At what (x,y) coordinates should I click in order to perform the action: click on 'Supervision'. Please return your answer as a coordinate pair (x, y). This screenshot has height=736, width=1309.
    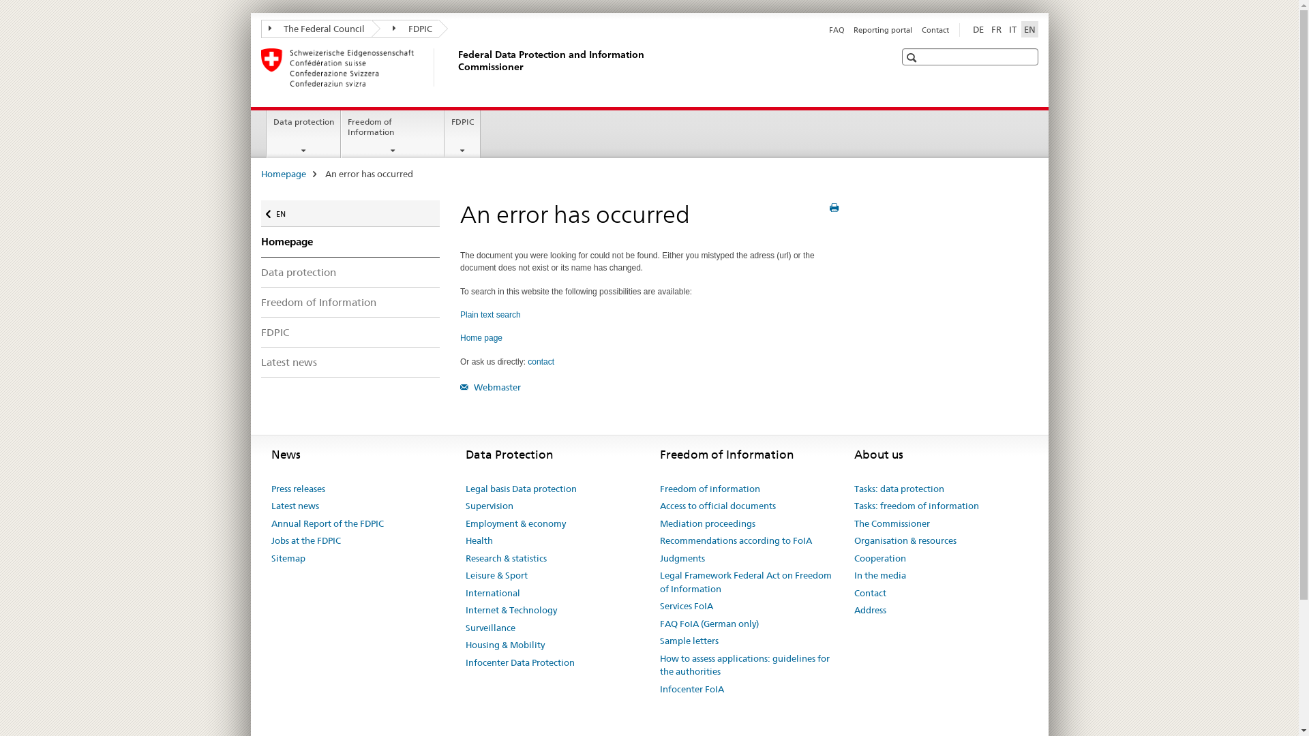
    Looking at the image, I should click on (488, 506).